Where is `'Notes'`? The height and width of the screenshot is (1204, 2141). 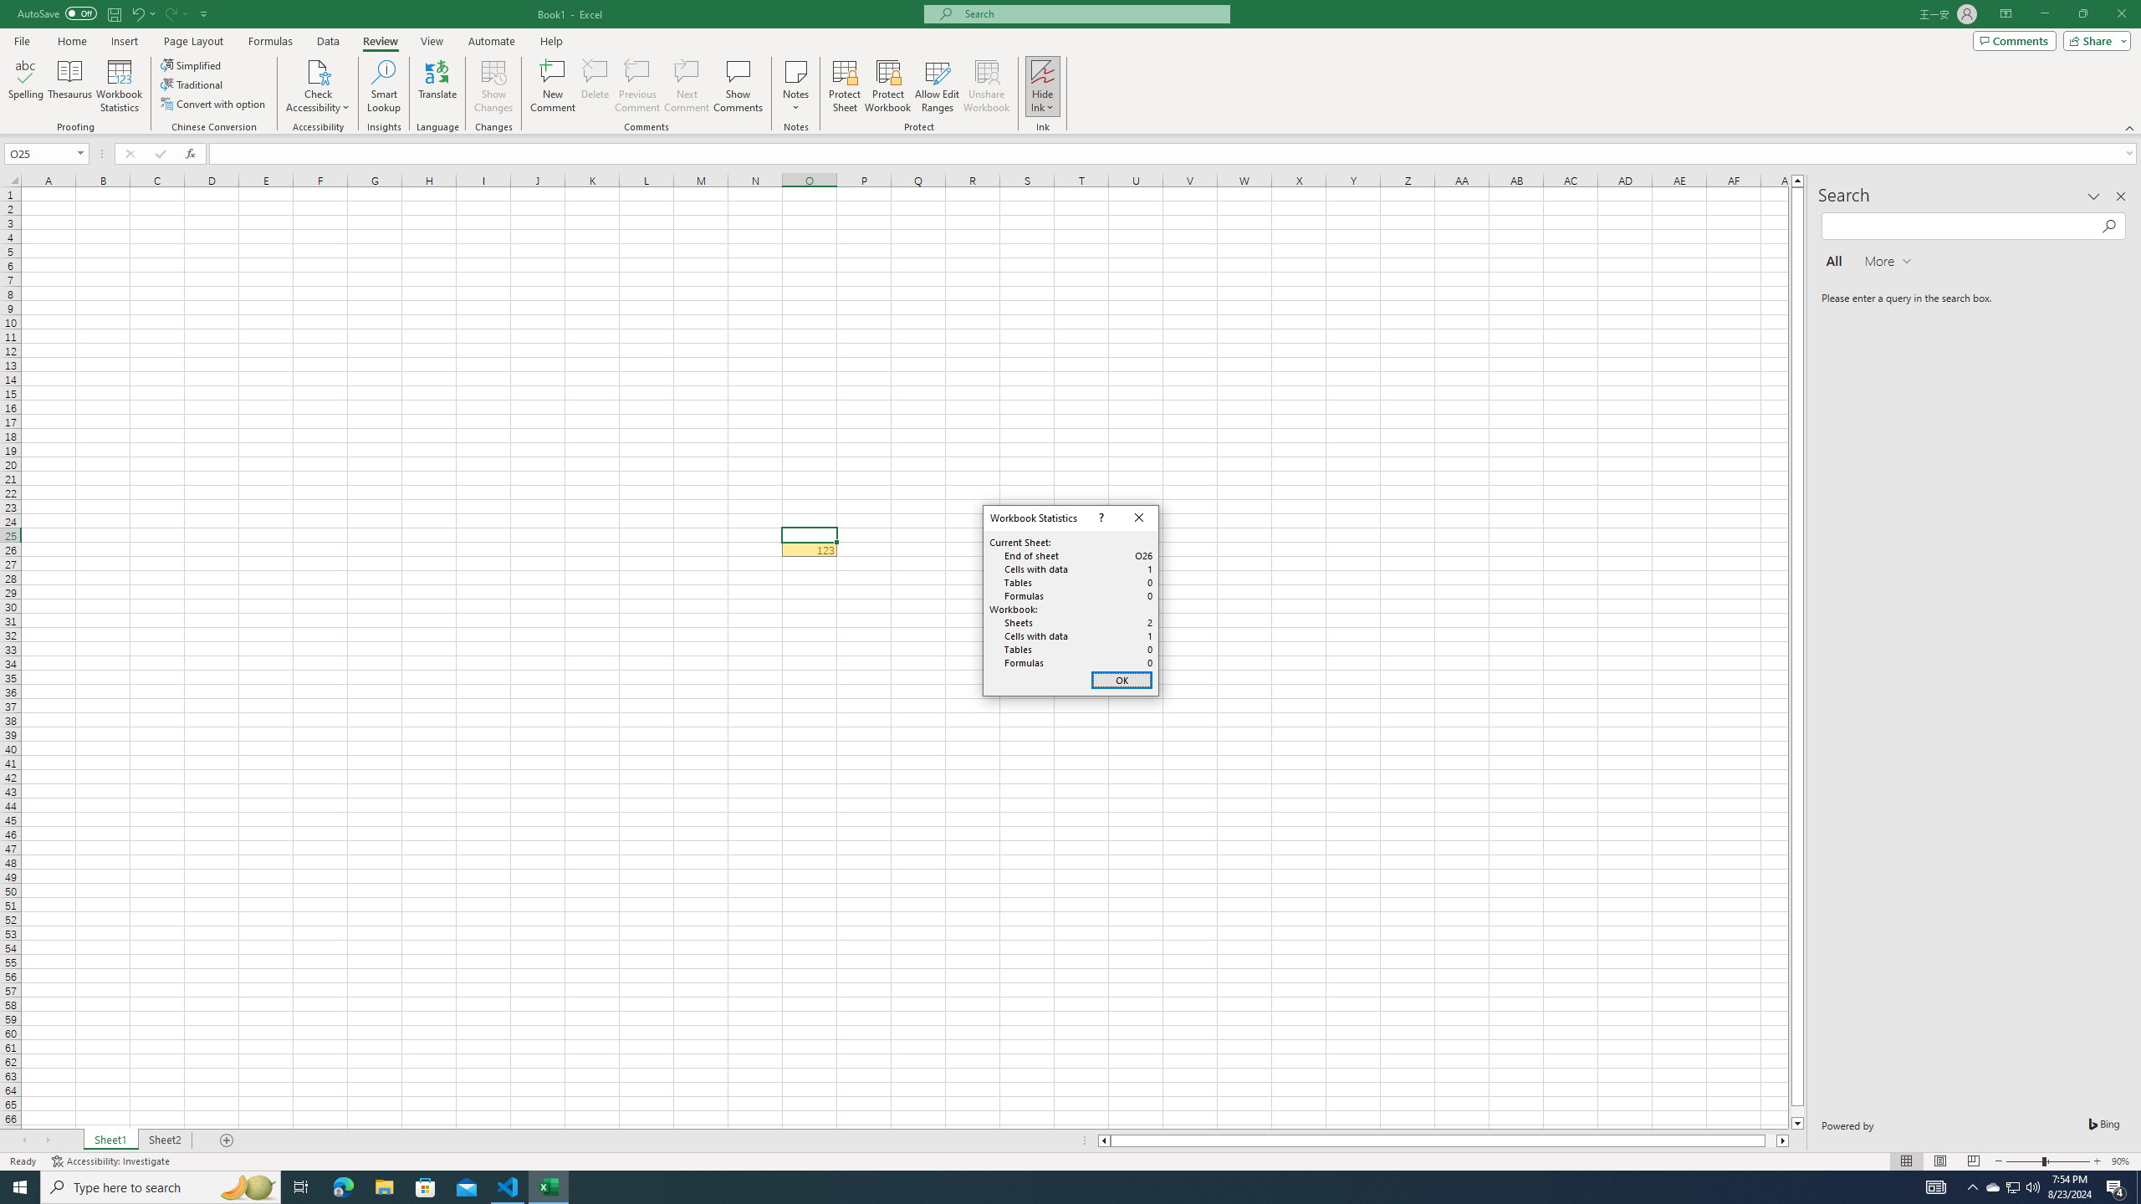
'Notes' is located at coordinates (795, 86).